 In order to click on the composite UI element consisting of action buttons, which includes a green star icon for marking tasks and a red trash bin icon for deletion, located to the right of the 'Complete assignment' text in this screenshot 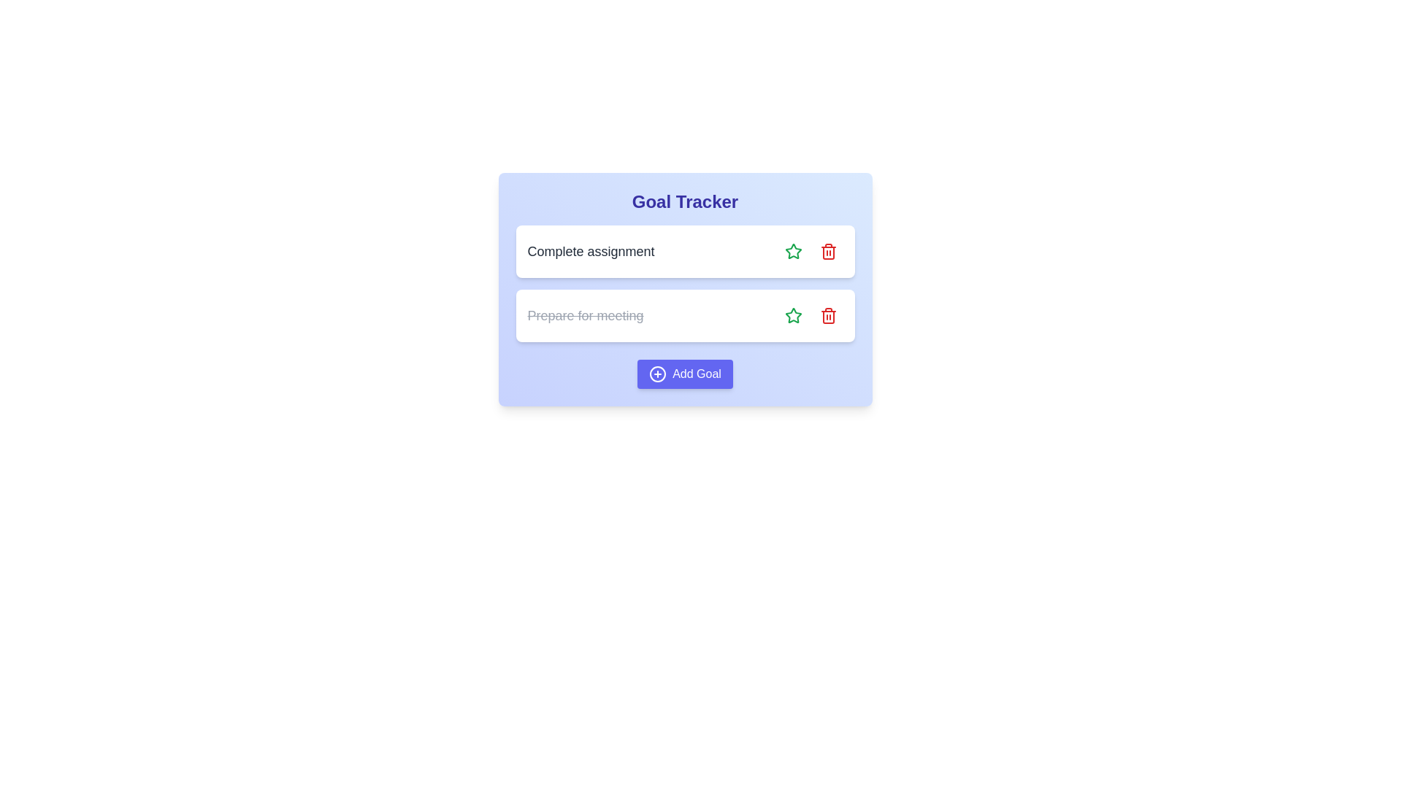, I will do `click(810, 250)`.